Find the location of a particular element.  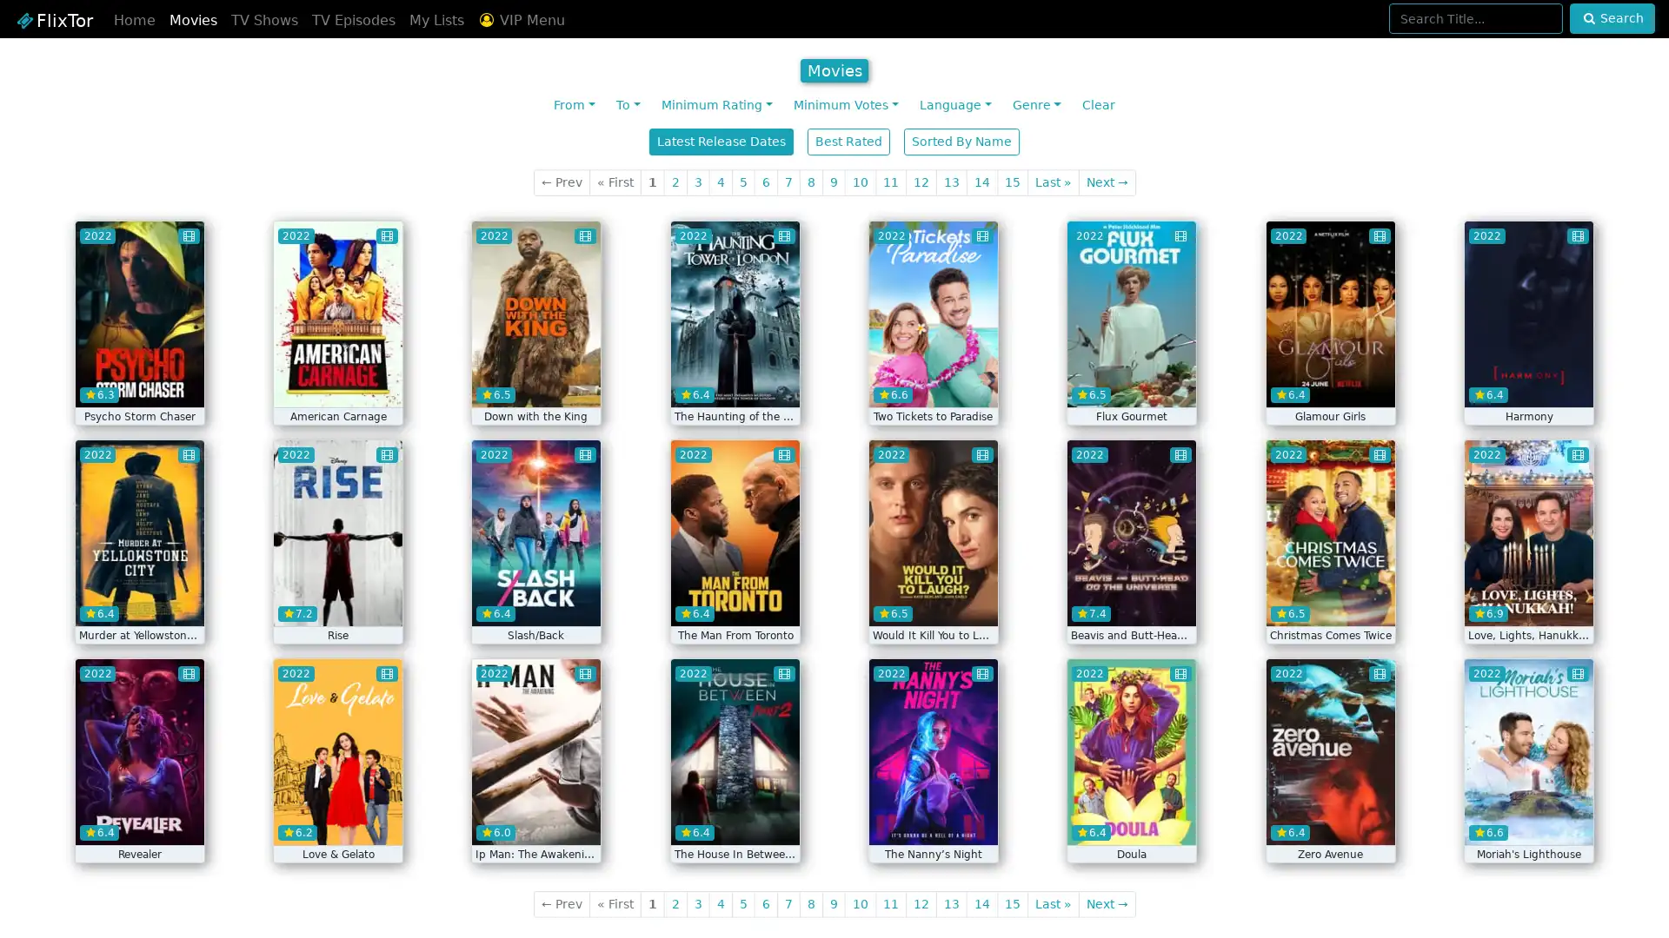

Watch Now is located at coordinates (1329, 380).